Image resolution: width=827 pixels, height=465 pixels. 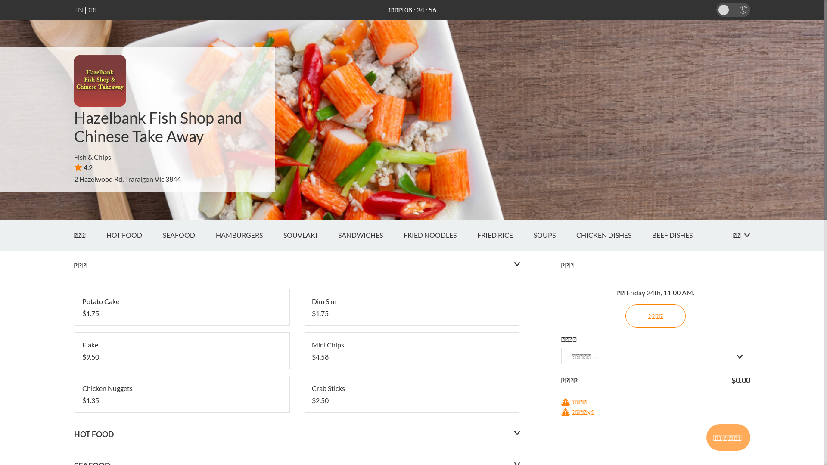 What do you see at coordinates (181, 394) in the screenshot?
I see `'Chicken Nuggets` at bounding box center [181, 394].